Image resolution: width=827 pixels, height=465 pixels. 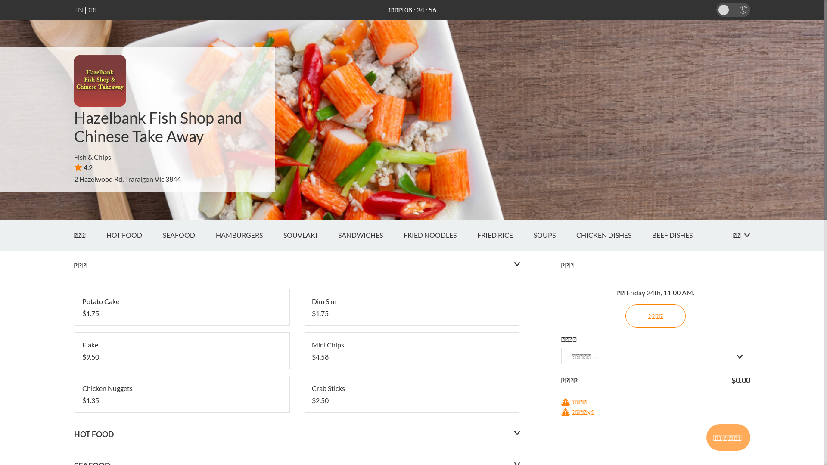 What do you see at coordinates (181, 394) in the screenshot?
I see `'Chicken Nuggets` at bounding box center [181, 394].